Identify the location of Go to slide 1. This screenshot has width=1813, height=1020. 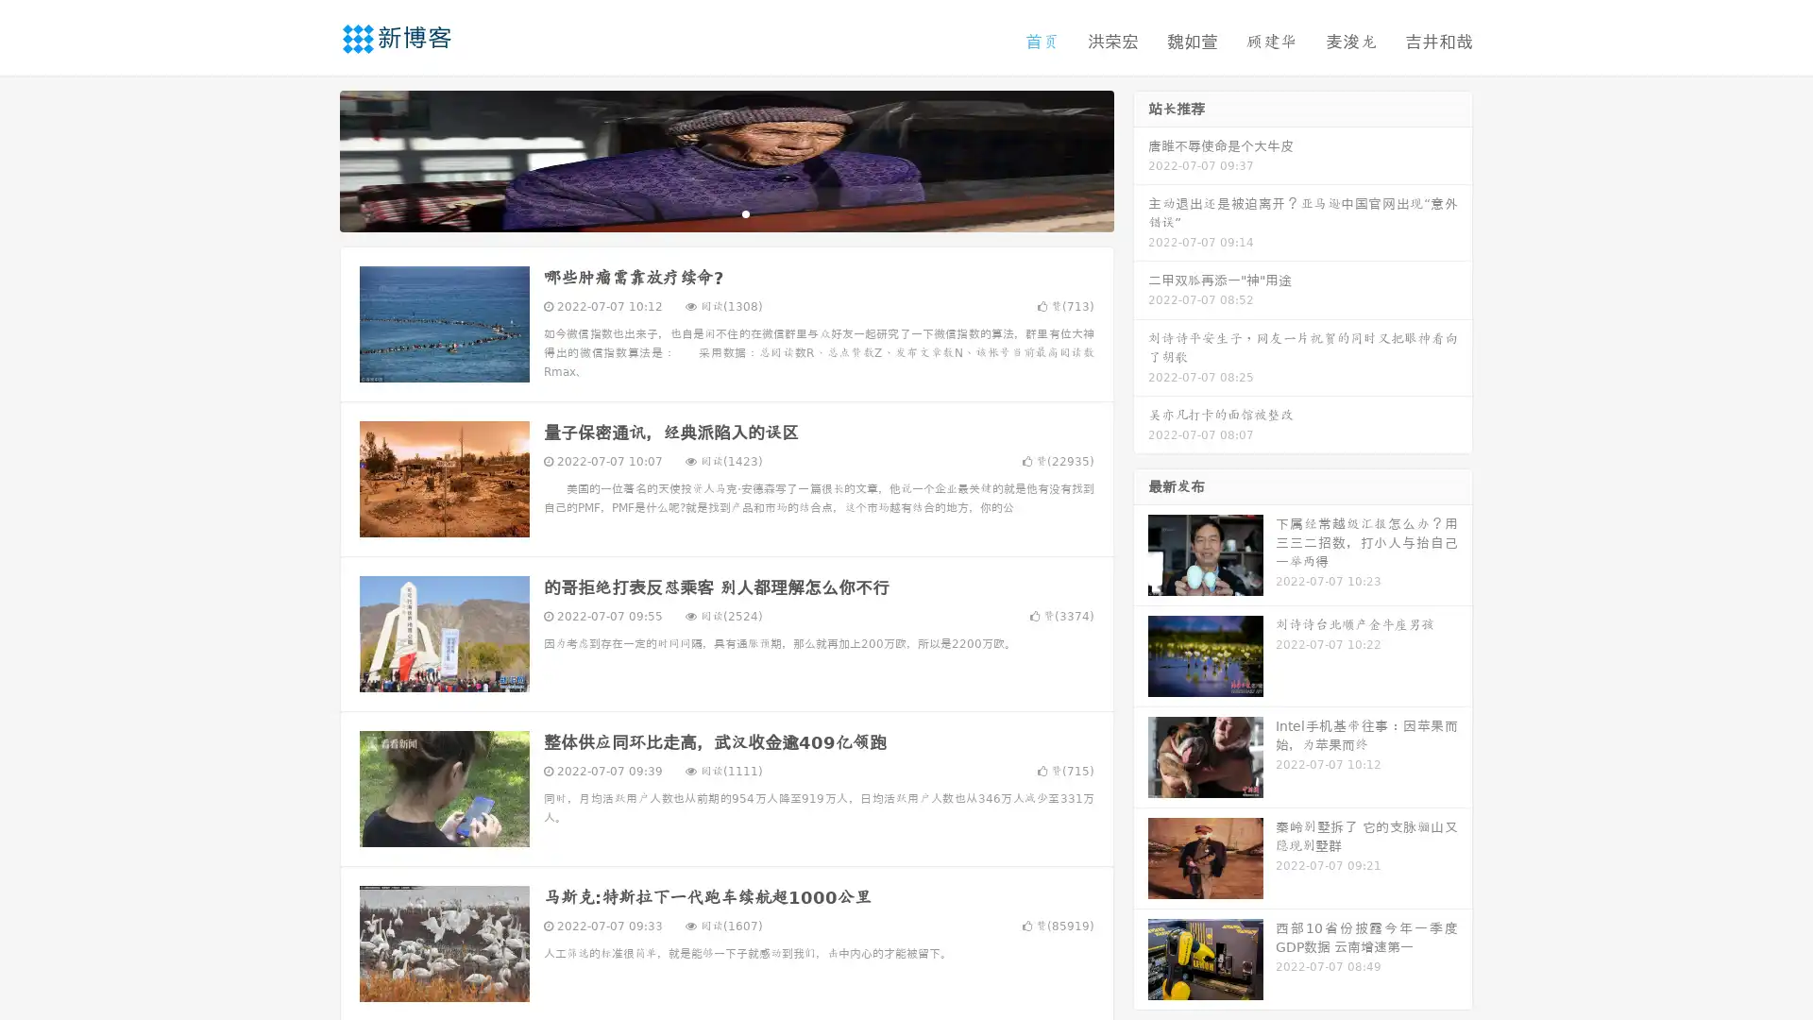
(706, 212).